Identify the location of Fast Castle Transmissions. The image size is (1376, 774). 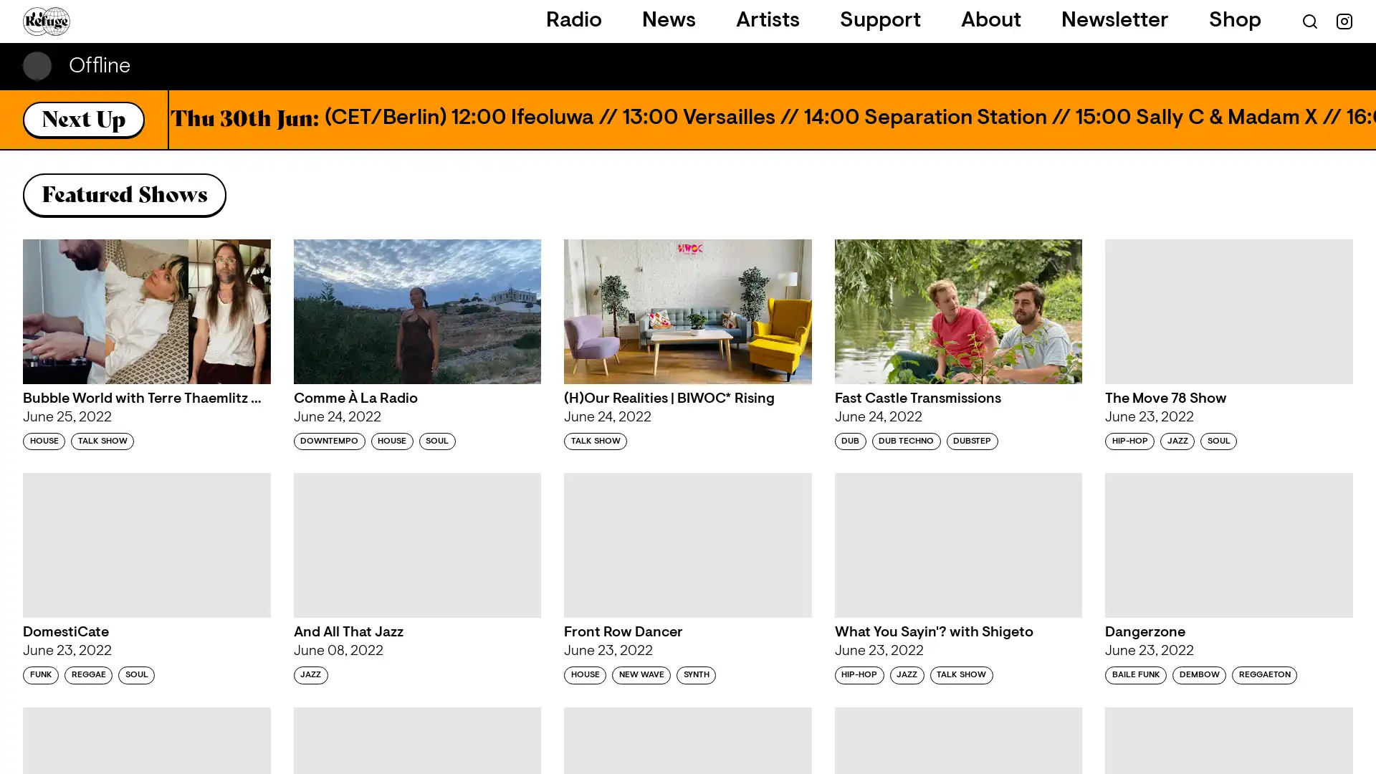
(958, 311).